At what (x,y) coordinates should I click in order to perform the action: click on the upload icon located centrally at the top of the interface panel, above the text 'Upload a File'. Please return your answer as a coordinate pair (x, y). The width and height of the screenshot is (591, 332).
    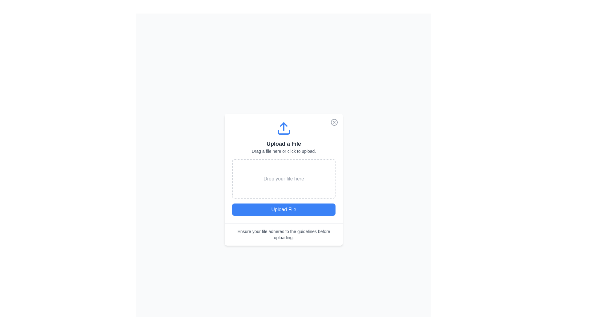
    Looking at the image, I should click on (283, 128).